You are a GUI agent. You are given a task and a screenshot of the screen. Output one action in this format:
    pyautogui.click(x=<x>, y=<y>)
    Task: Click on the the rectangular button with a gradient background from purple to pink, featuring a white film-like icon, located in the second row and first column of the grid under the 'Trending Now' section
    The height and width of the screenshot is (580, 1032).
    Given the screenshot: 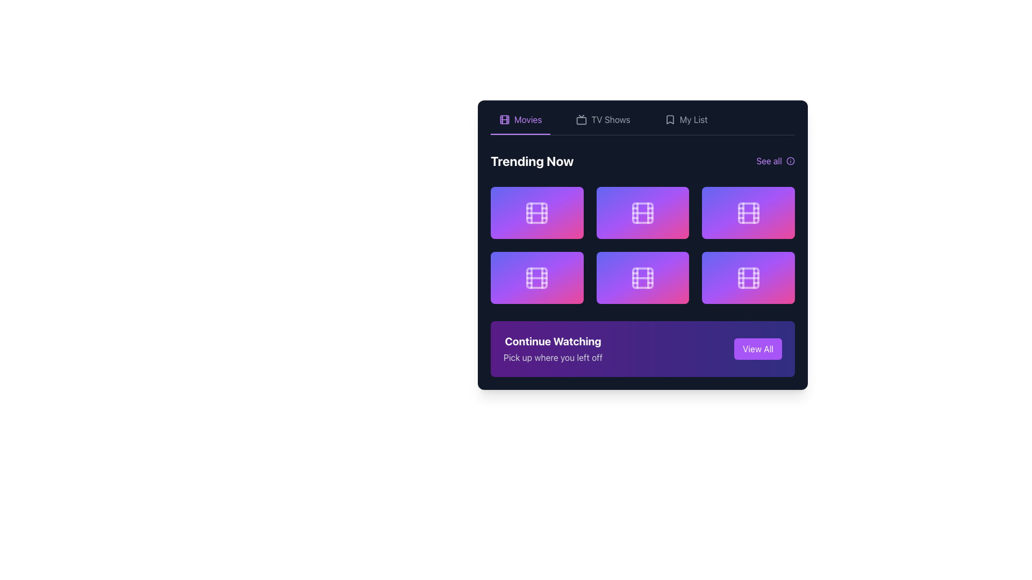 What is the action you would take?
    pyautogui.click(x=537, y=277)
    